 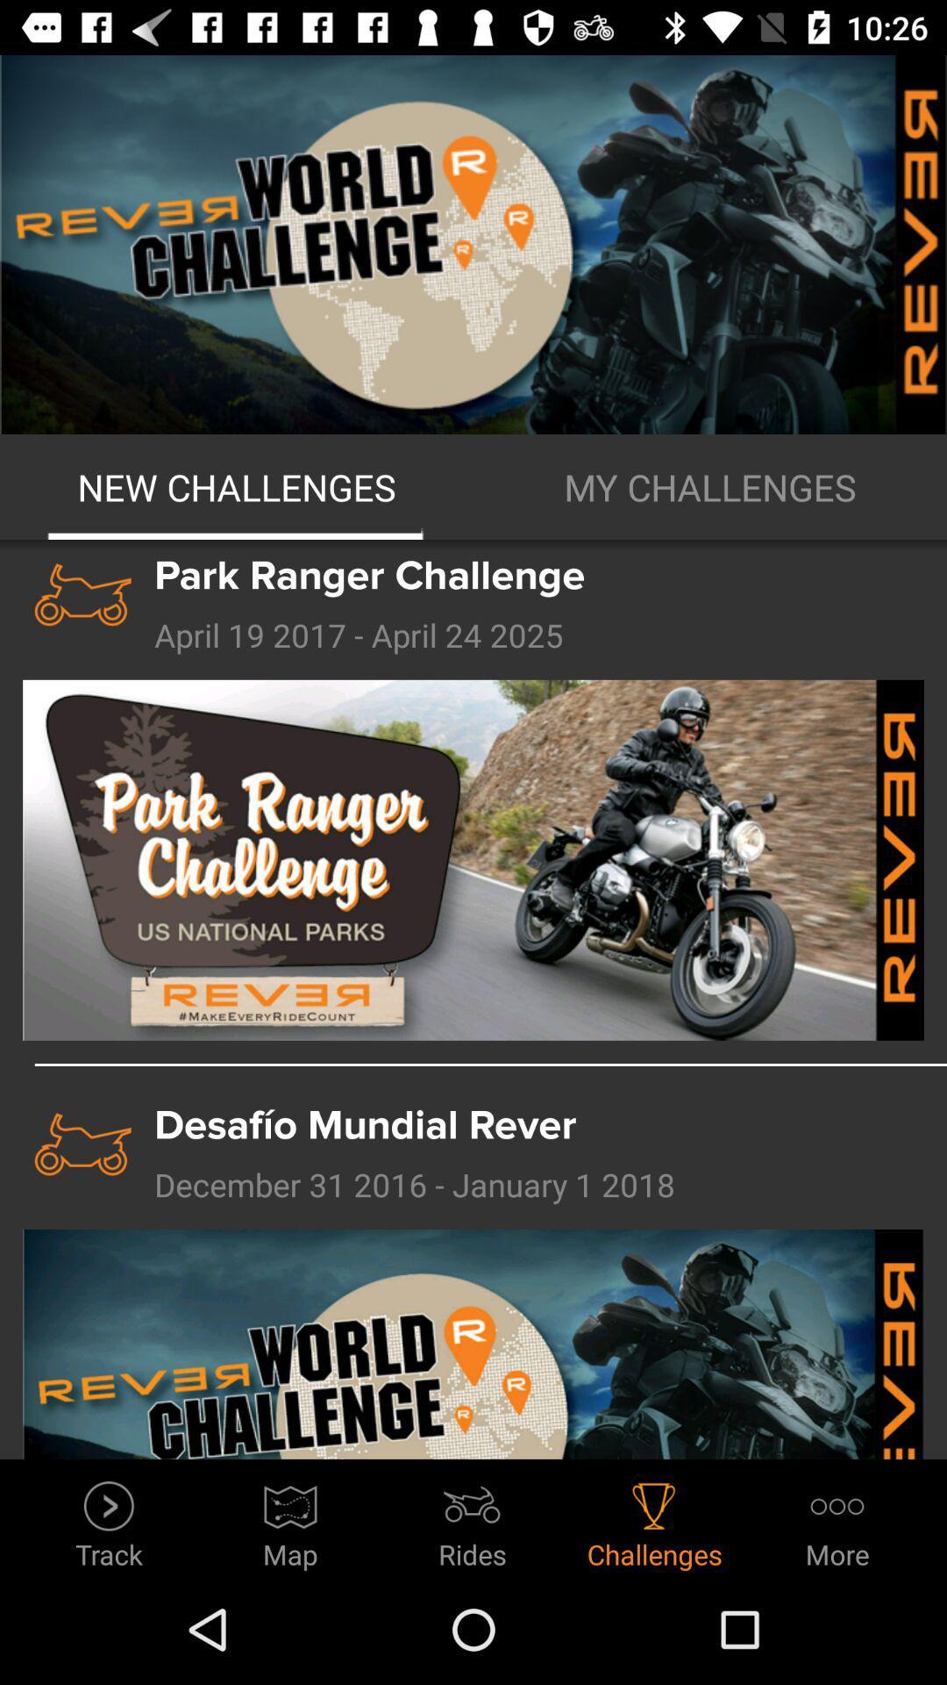 I want to click on the icon next to the new challenges icon, so click(x=710, y=487).